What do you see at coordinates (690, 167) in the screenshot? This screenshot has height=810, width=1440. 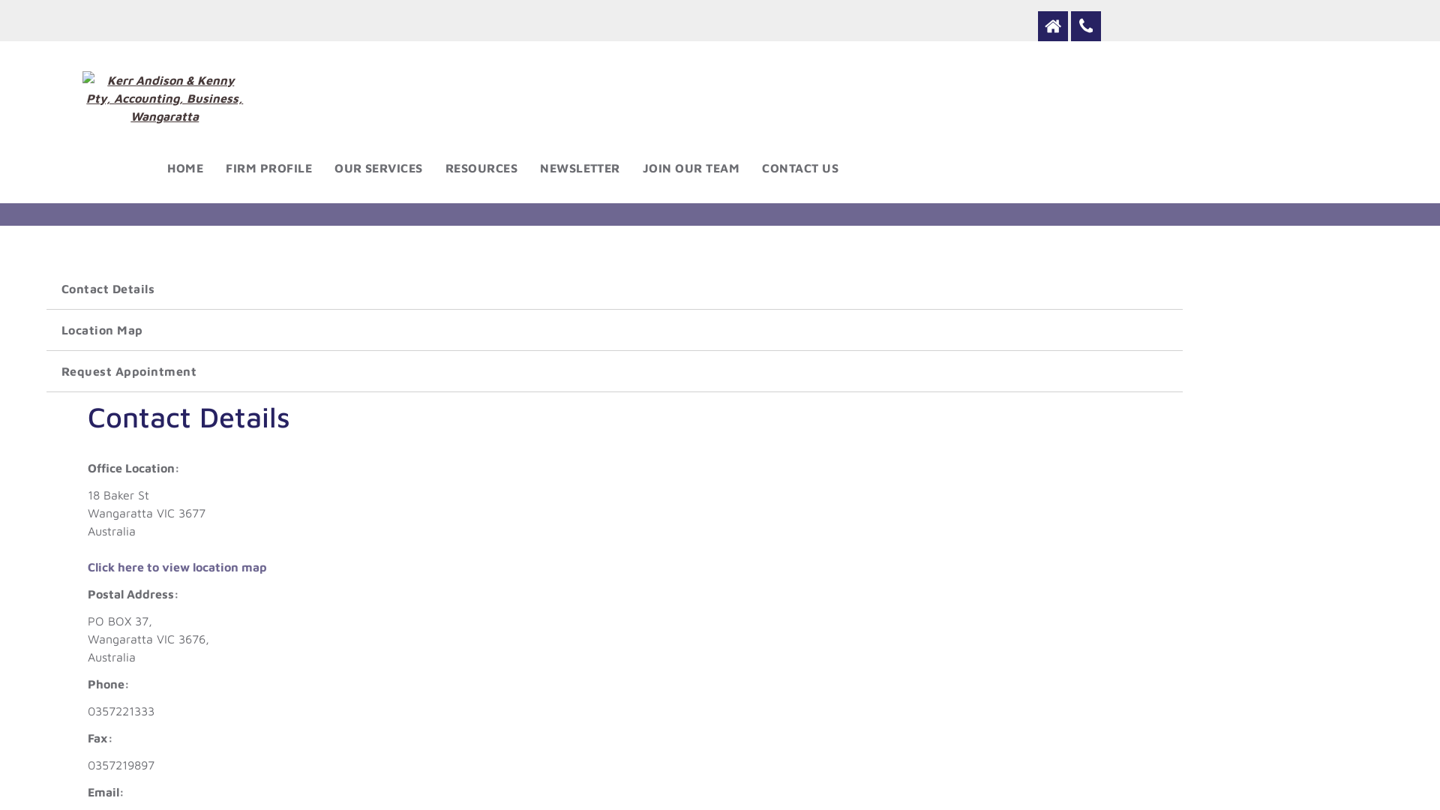 I see `'JOIN OUR TEAM'` at bounding box center [690, 167].